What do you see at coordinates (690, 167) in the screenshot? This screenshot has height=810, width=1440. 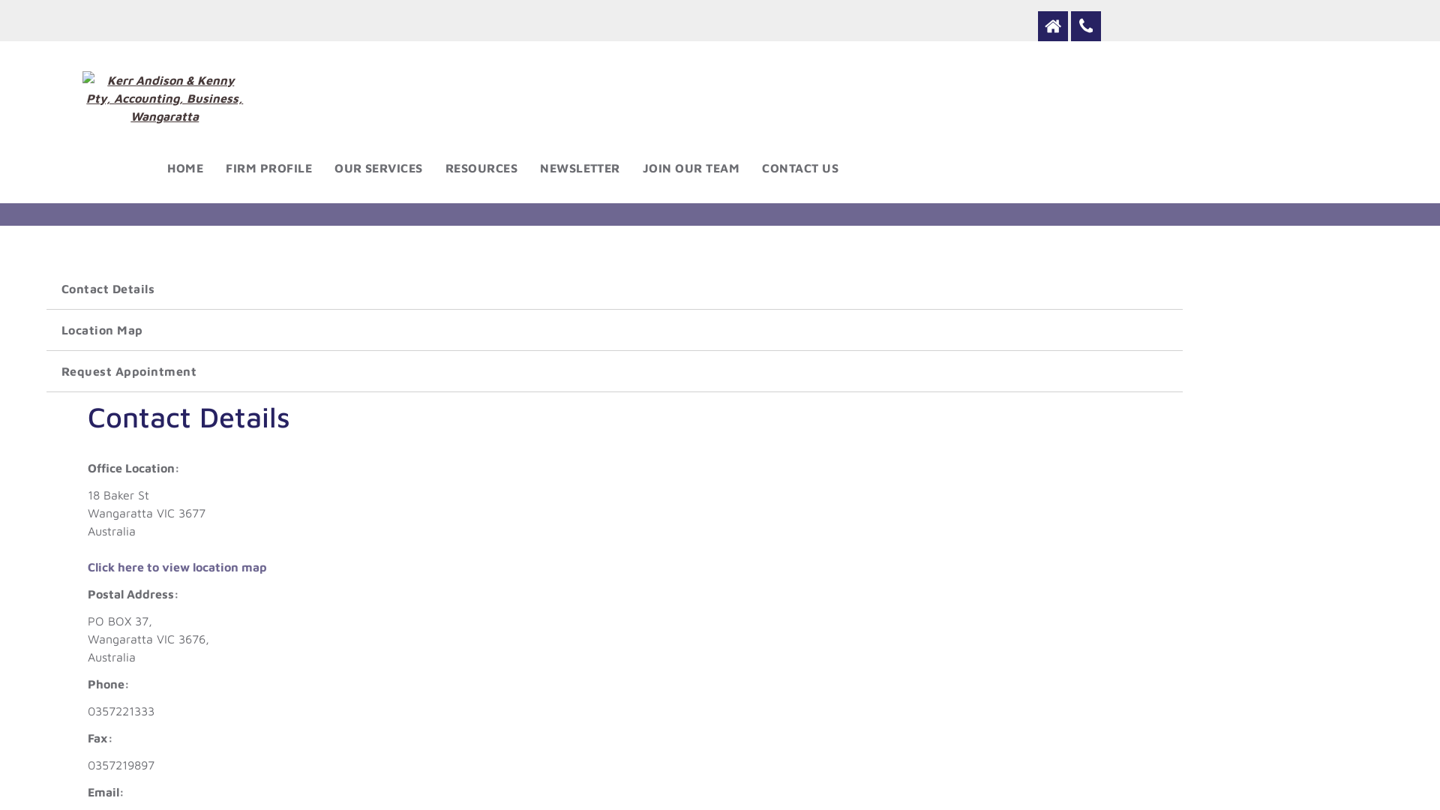 I see `'JOIN OUR TEAM'` at bounding box center [690, 167].